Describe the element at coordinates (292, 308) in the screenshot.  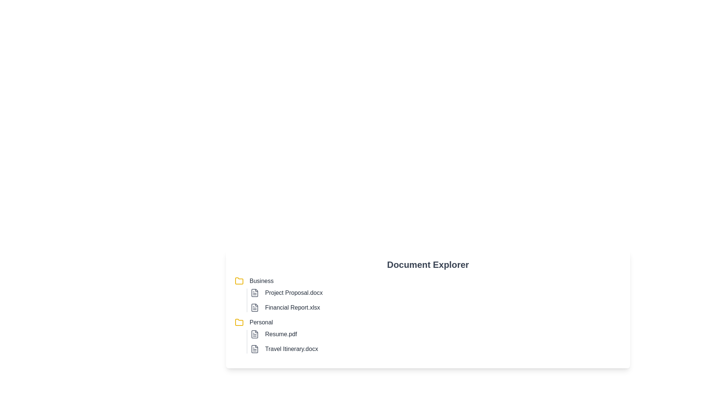
I see `the text label displaying 'Financial Report.xlsx', which is the second file listed under the 'Business' folder` at that location.